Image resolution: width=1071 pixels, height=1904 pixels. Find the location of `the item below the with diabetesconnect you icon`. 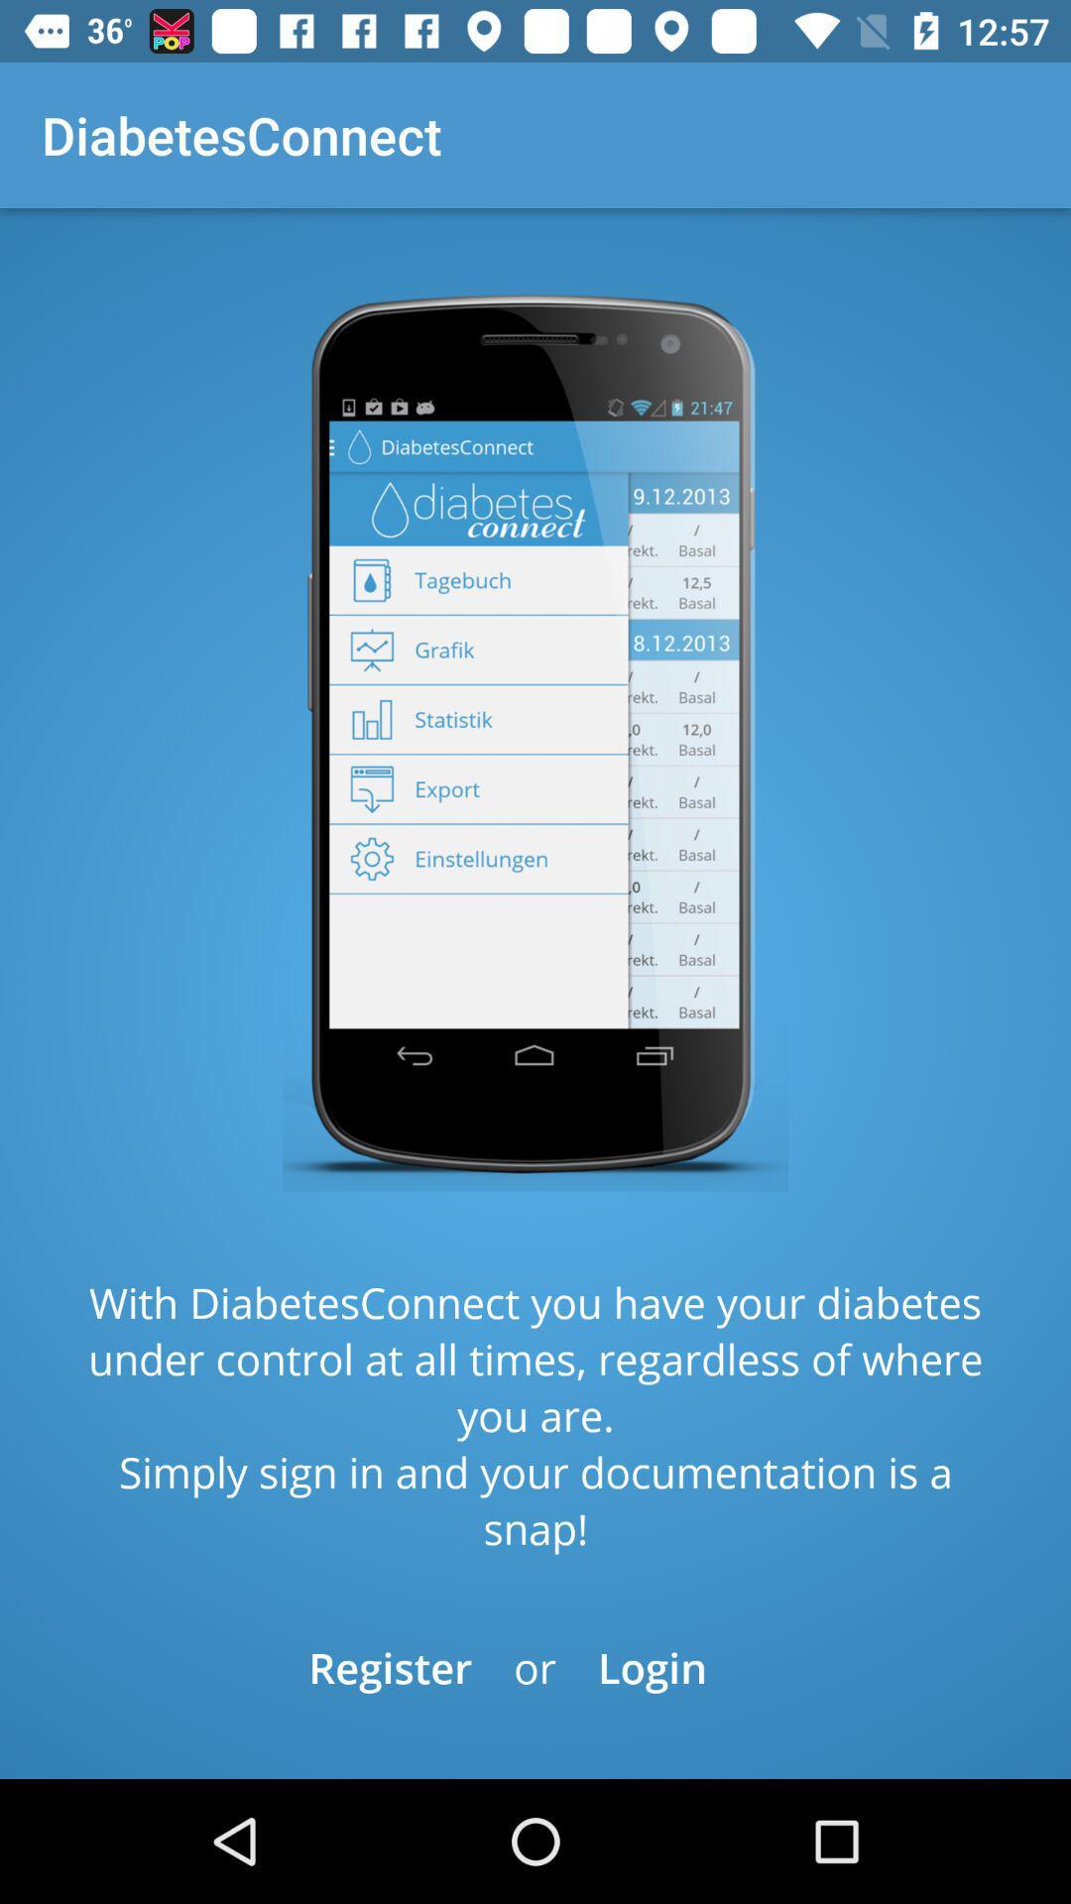

the item below the with diabetesconnect you icon is located at coordinates (653, 1666).